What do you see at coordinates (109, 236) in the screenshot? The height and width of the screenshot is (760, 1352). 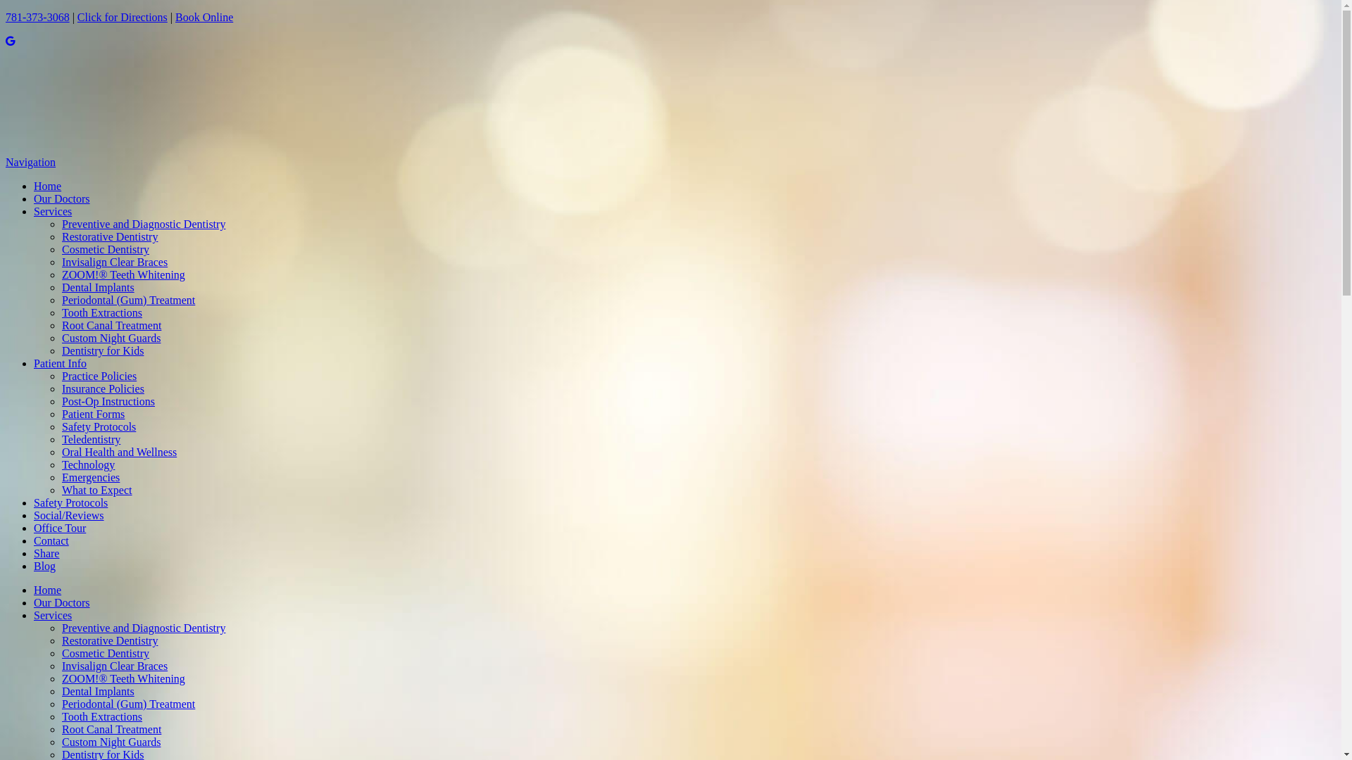 I see `'Restorative Dentistry'` at bounding box center [109, 236].